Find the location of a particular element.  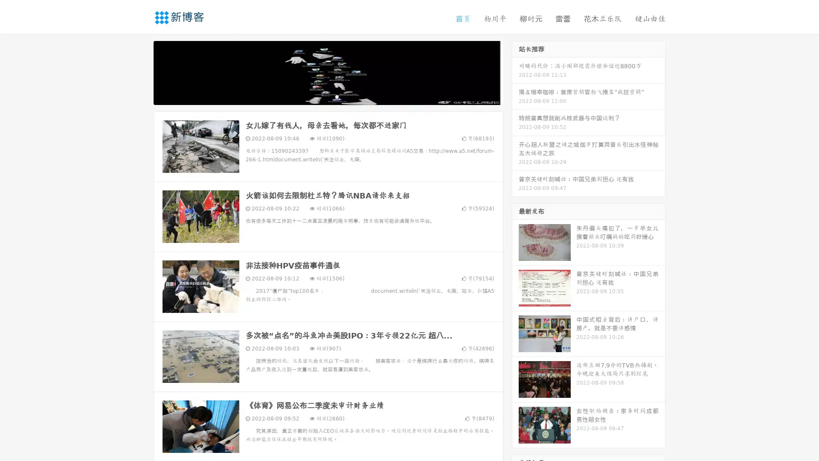

Previous slide is located at coordinates (141, 72).